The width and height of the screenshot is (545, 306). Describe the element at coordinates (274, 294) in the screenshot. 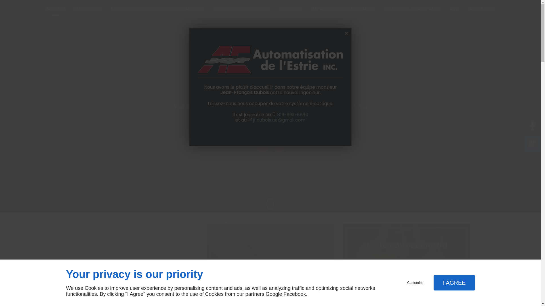

I see `'Google'` at that location.